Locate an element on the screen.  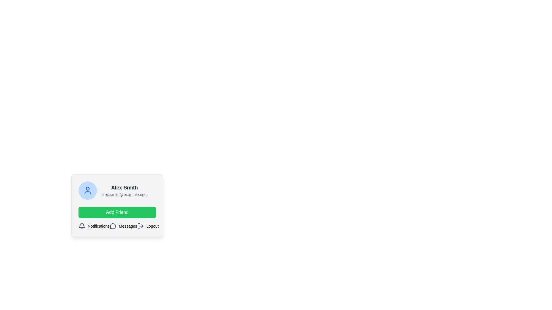
the Text label that indicates messages or communication, located between a speech bubble icon and a logout icon in a horizontal group of icons and labels is located at coordinates (128, 226).